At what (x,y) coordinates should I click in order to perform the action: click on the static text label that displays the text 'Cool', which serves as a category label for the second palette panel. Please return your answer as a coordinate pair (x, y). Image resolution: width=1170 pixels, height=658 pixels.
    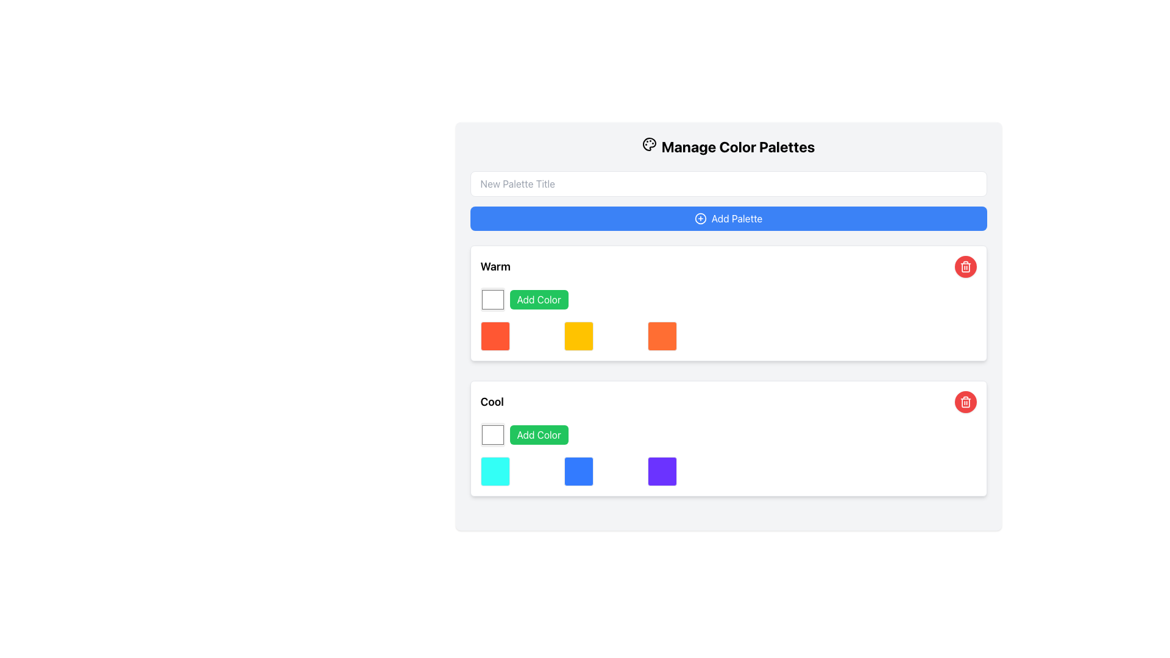
    Looking at the image, I should click on (492, 402).